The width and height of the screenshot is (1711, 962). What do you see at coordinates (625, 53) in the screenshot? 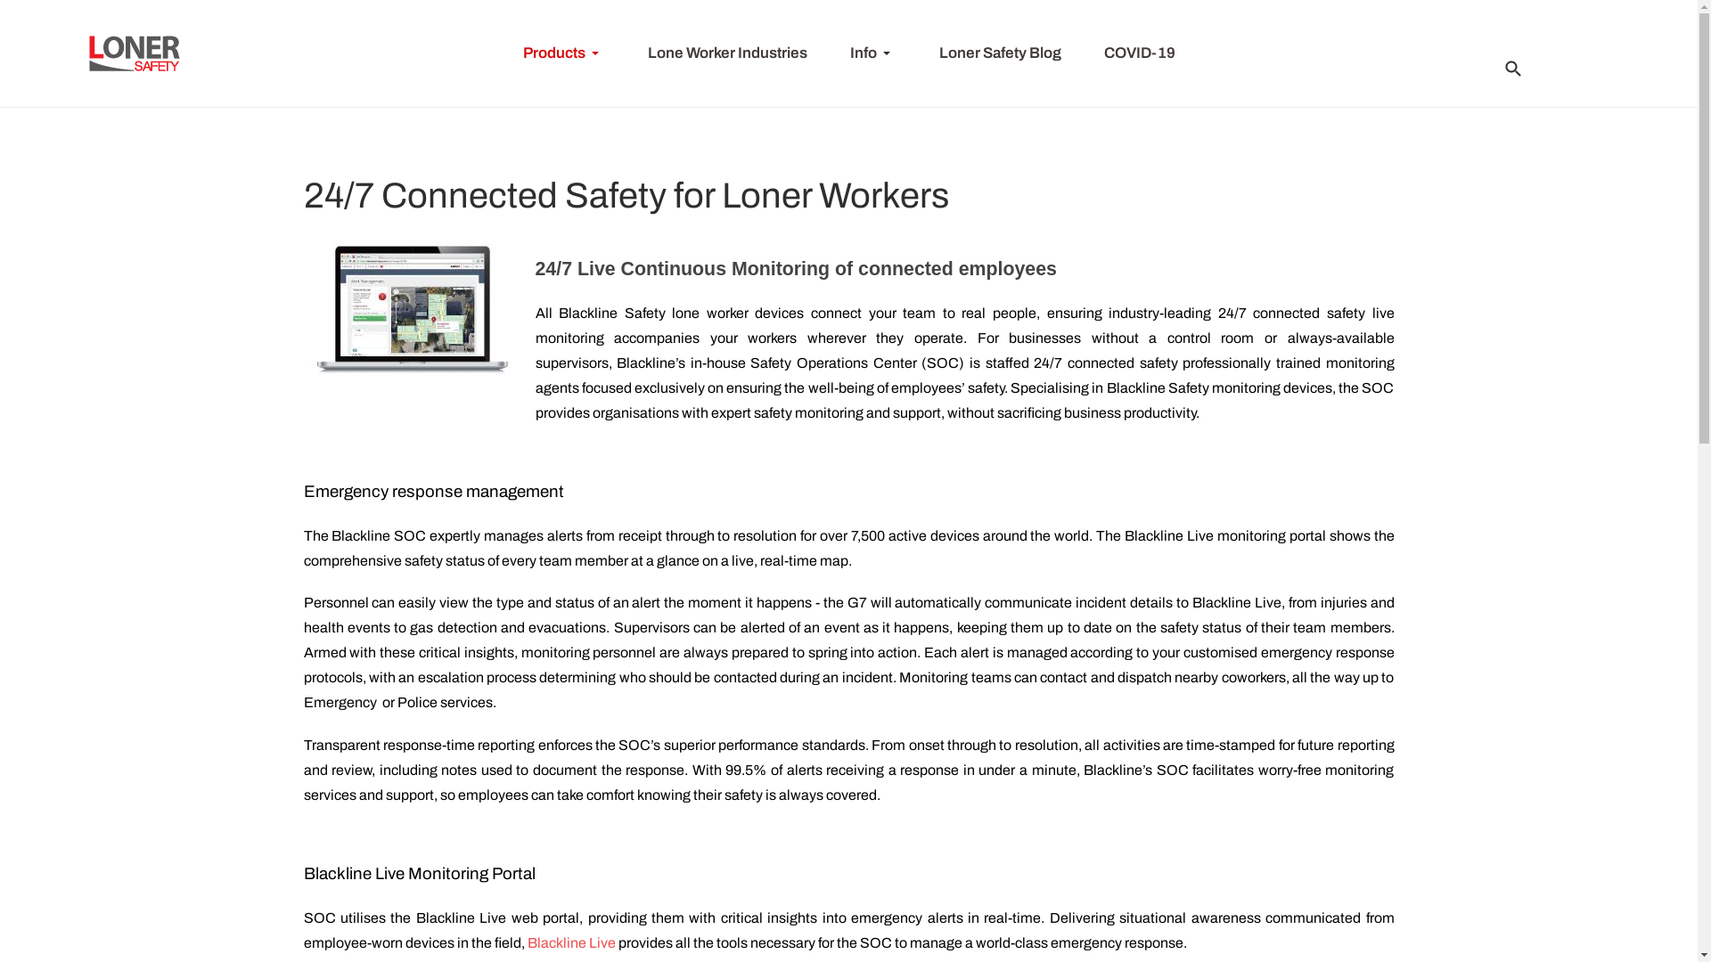
I see `'Lone Worker Industries'` at bounding box center [625, 53].